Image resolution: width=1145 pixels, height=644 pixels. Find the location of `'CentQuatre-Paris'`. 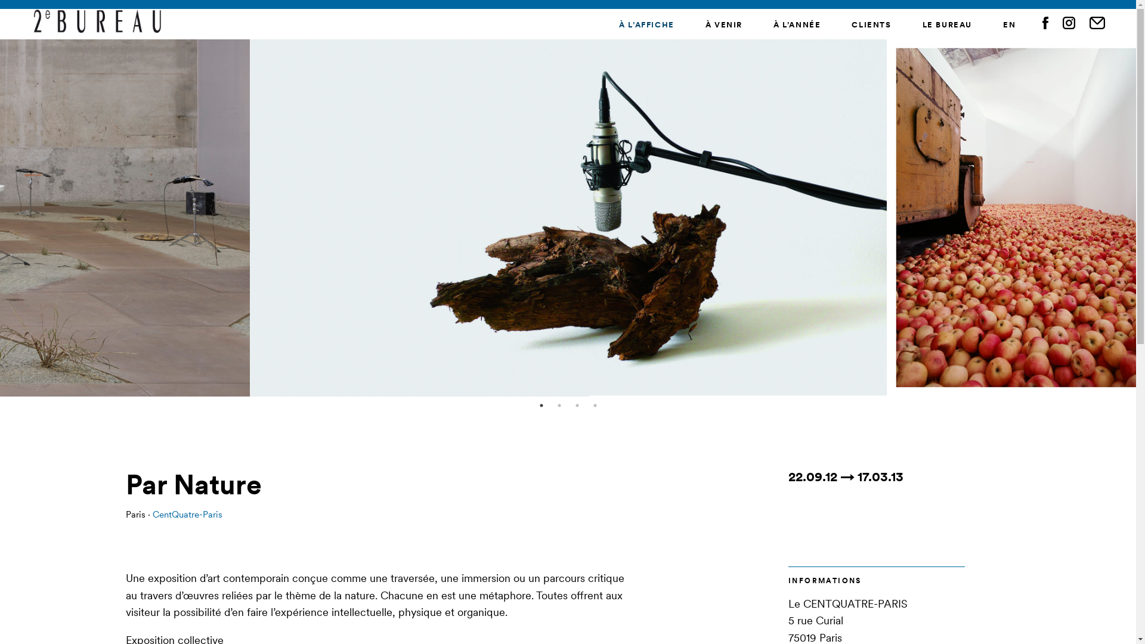

'CentQuatre-Paris' is located at coordinates (187, 513).